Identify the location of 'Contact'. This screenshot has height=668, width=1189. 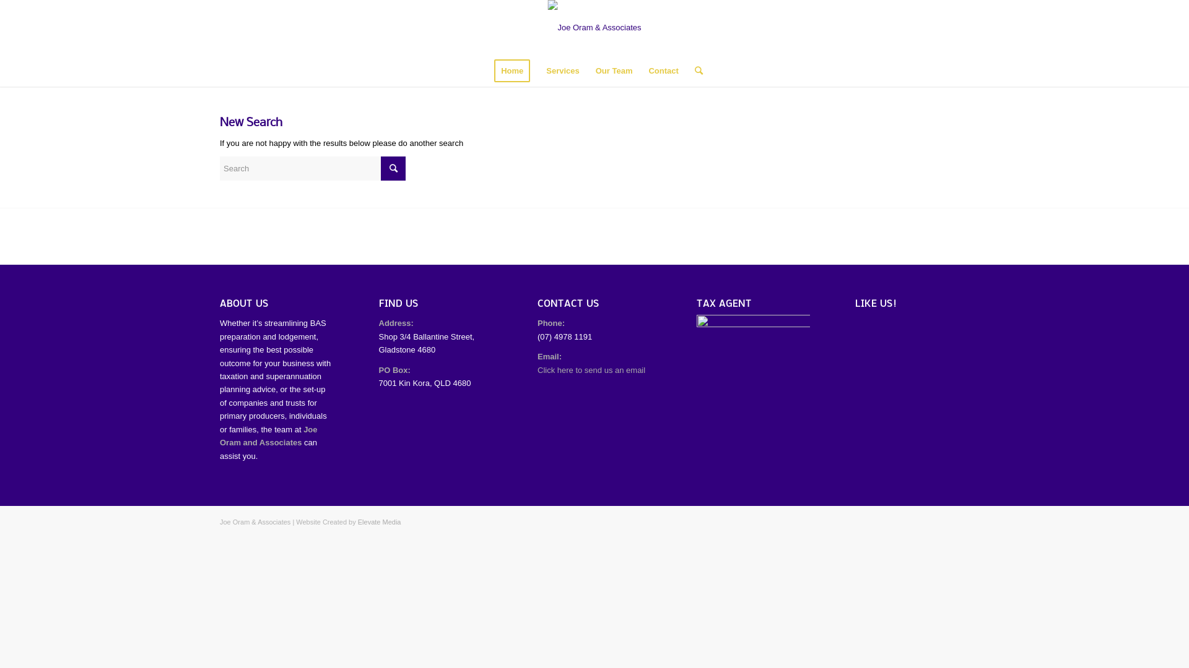
(640, 71).